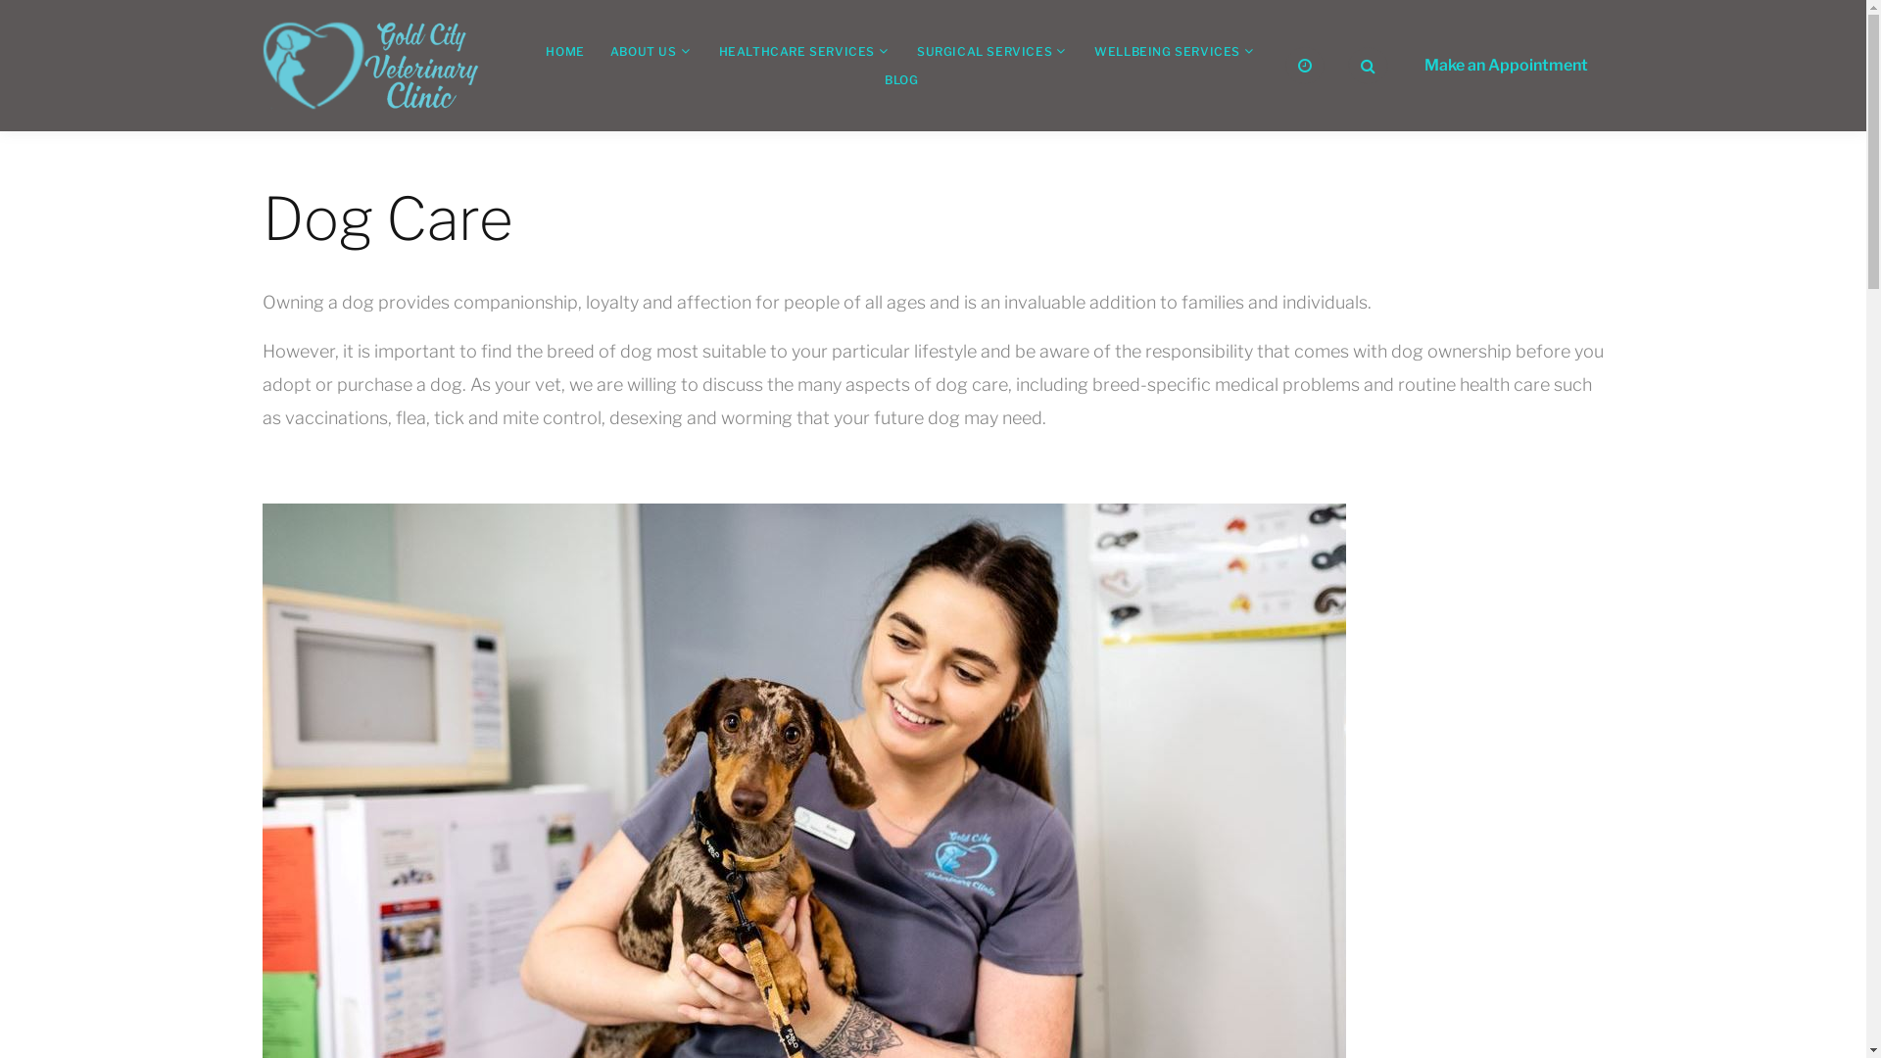 The width and height of the screenshot is (1881, 1058). I want to click on 'ABOUT US', so click(644, 50).